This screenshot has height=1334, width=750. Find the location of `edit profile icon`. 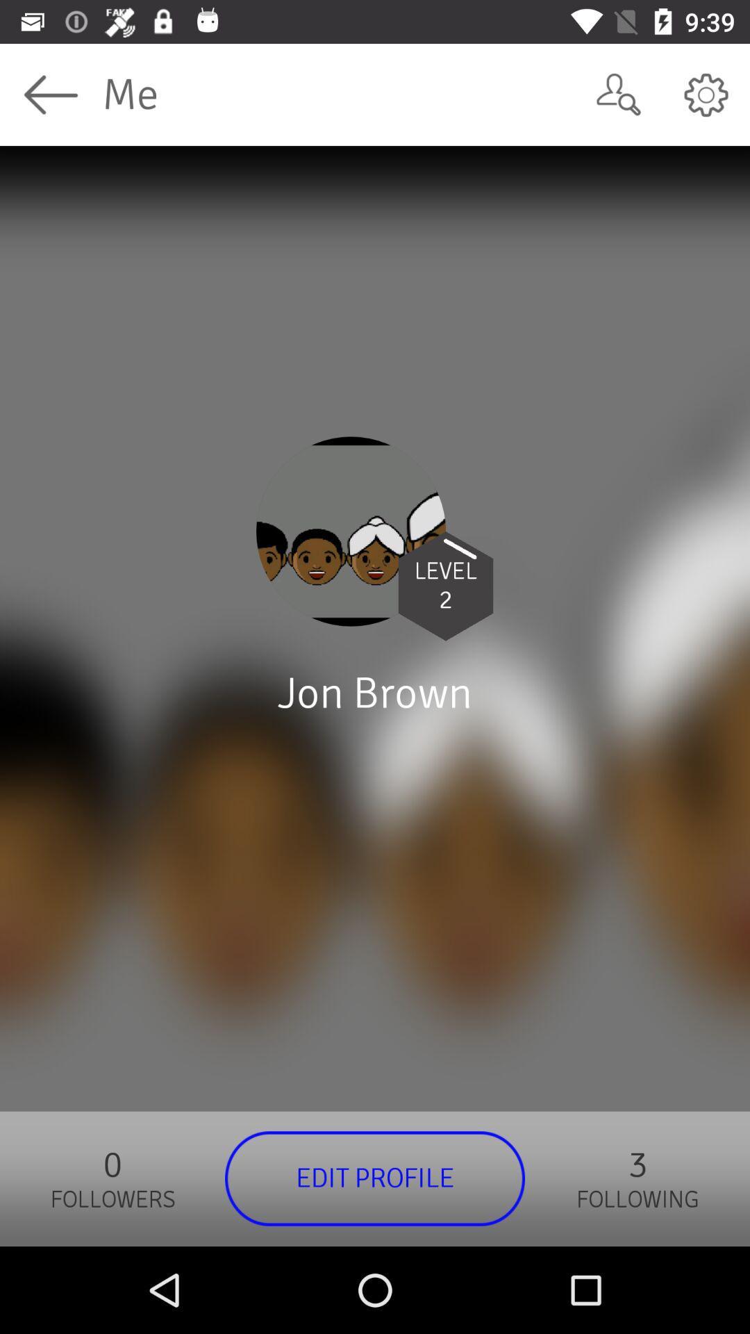

edit profile icon is located at coordinates (375, 1178).